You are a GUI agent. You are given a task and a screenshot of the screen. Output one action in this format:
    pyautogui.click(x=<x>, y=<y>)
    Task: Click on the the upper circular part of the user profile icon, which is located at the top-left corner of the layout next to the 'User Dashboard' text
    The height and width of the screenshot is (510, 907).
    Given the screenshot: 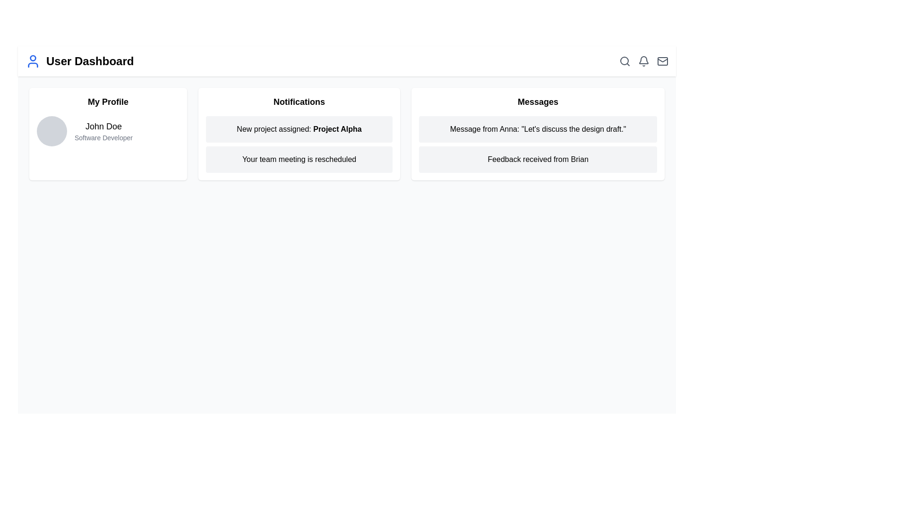 What is the action you would take?
    pyautogui.click(x=33, y=58)
    